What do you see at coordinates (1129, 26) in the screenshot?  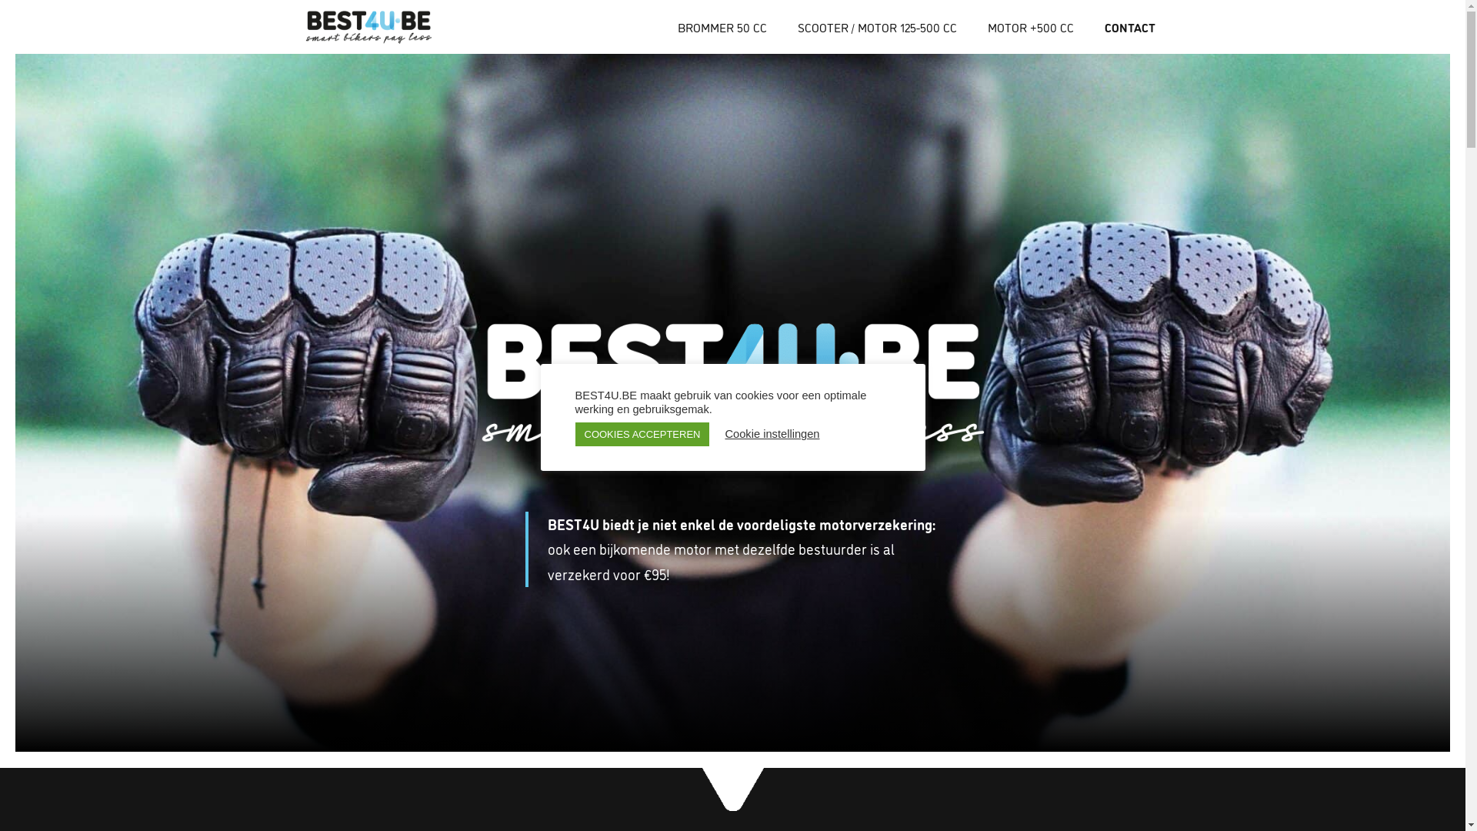 I see `'CONTACT'` at bounding box center [1129, 26].